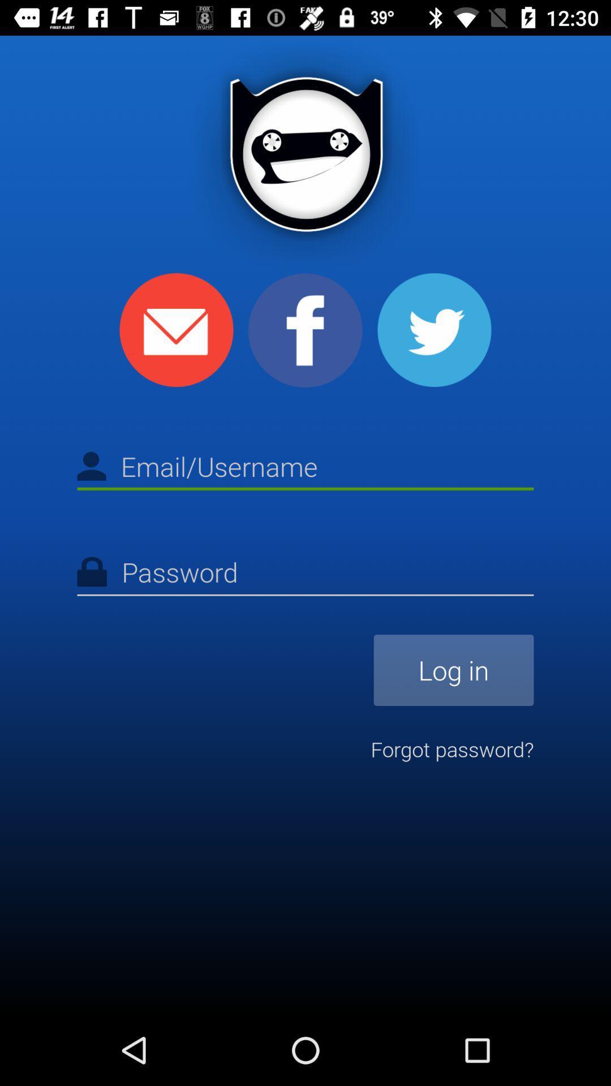 This screenshot has height=1086, width=611. What do you see at coordinates (177, 329) in the screenshot?
I see `email` at bounding box center [177, 329].